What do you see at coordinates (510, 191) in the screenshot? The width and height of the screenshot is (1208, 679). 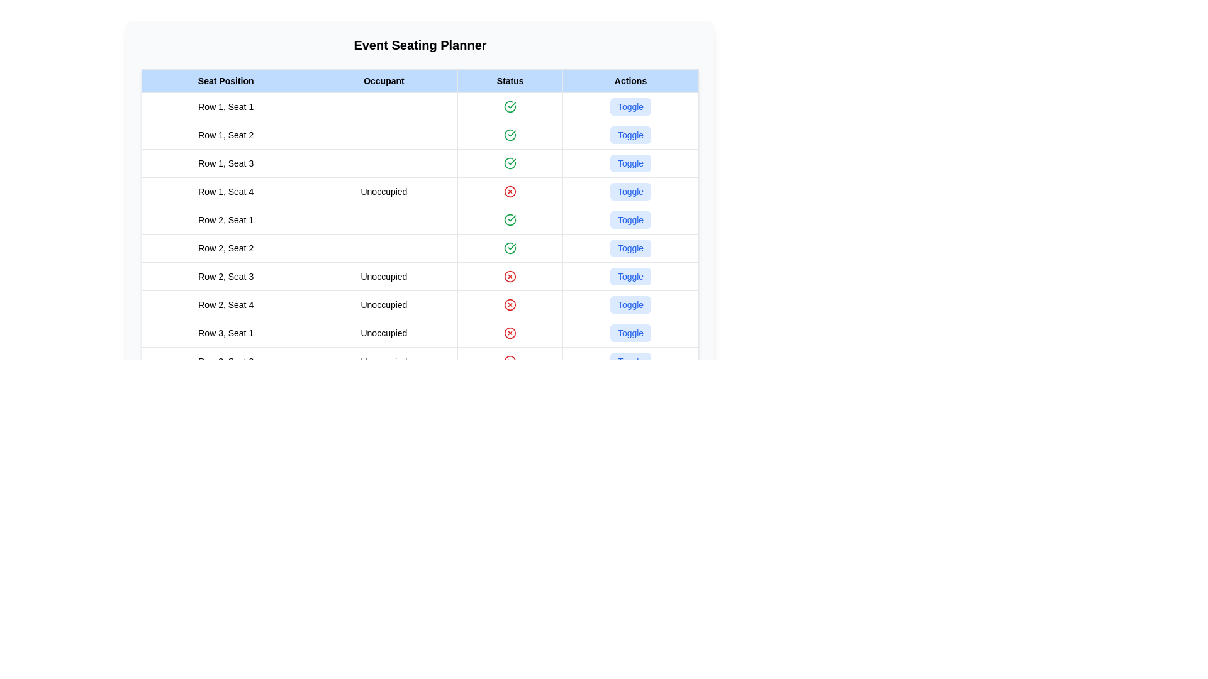 I see `the status/error icon indicating a negative status for 'Row 1, Seat 4' in the status column of the table` at bounding box center [510, 191].